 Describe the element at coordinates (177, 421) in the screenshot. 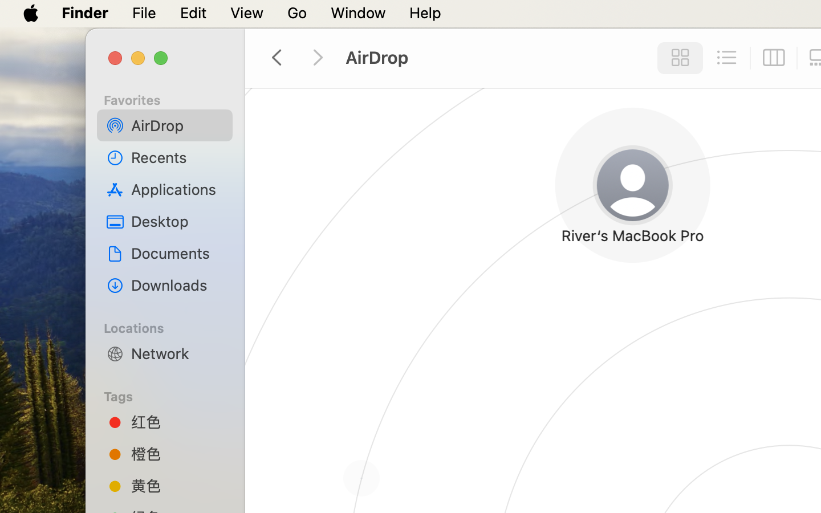

I see `'红色'` at that location.